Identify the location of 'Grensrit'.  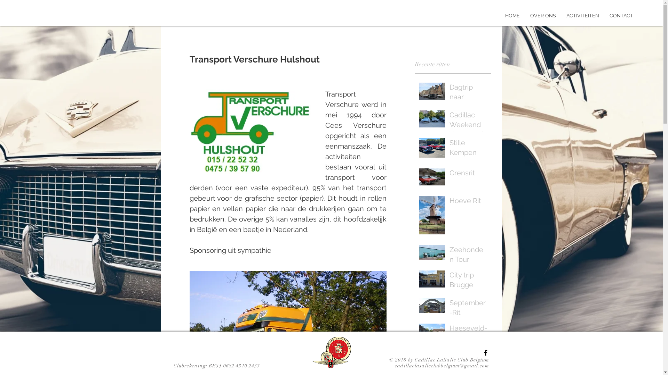
(468, 174).